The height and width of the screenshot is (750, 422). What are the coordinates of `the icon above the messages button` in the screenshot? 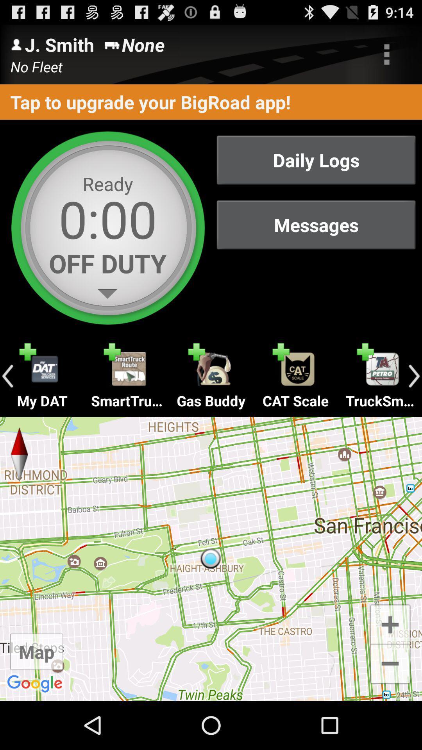 It's located at (316, 159).